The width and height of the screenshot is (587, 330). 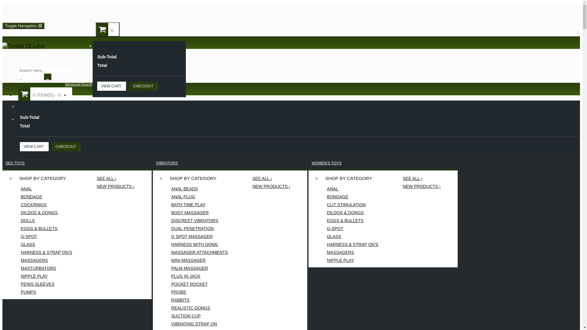 I want to click on 'DISCREET VIBRATORS', so click(x=199, y=220).